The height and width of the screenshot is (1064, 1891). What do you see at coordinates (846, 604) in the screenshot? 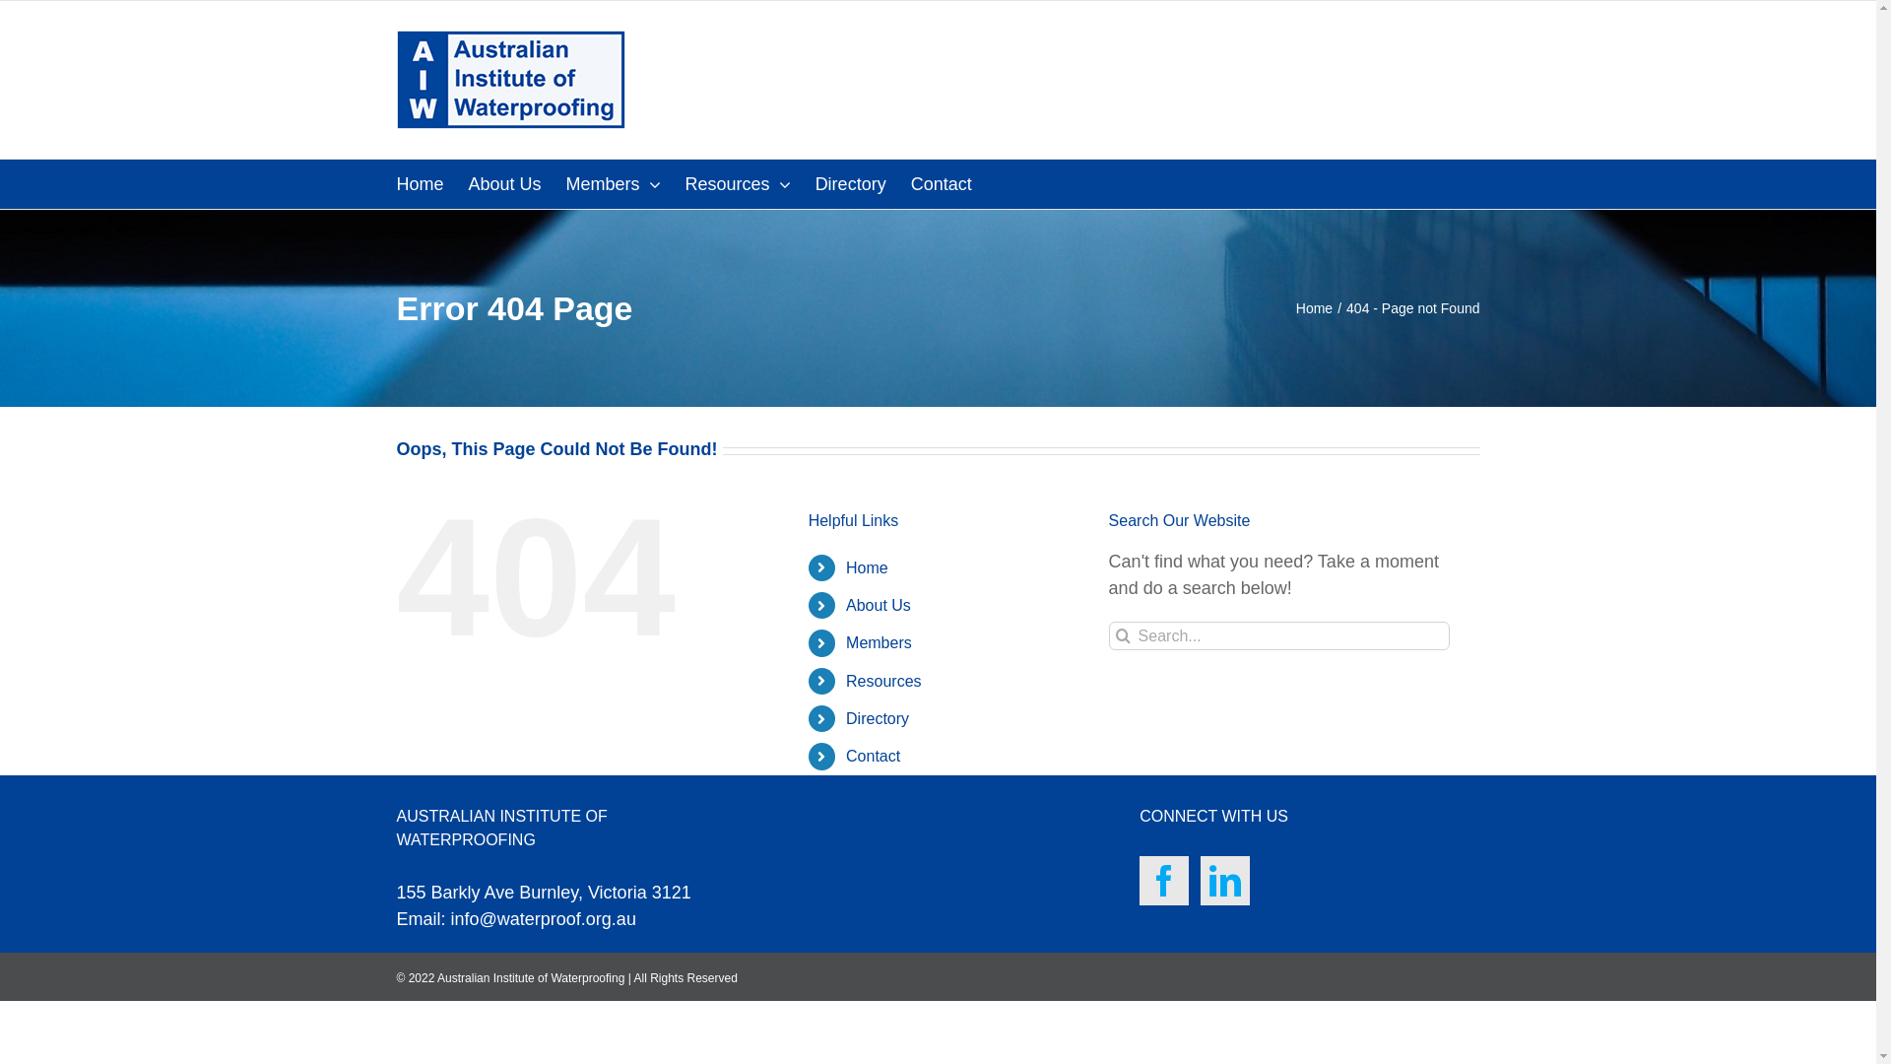
I see `'About Us'` at bounding box center [846, 604].